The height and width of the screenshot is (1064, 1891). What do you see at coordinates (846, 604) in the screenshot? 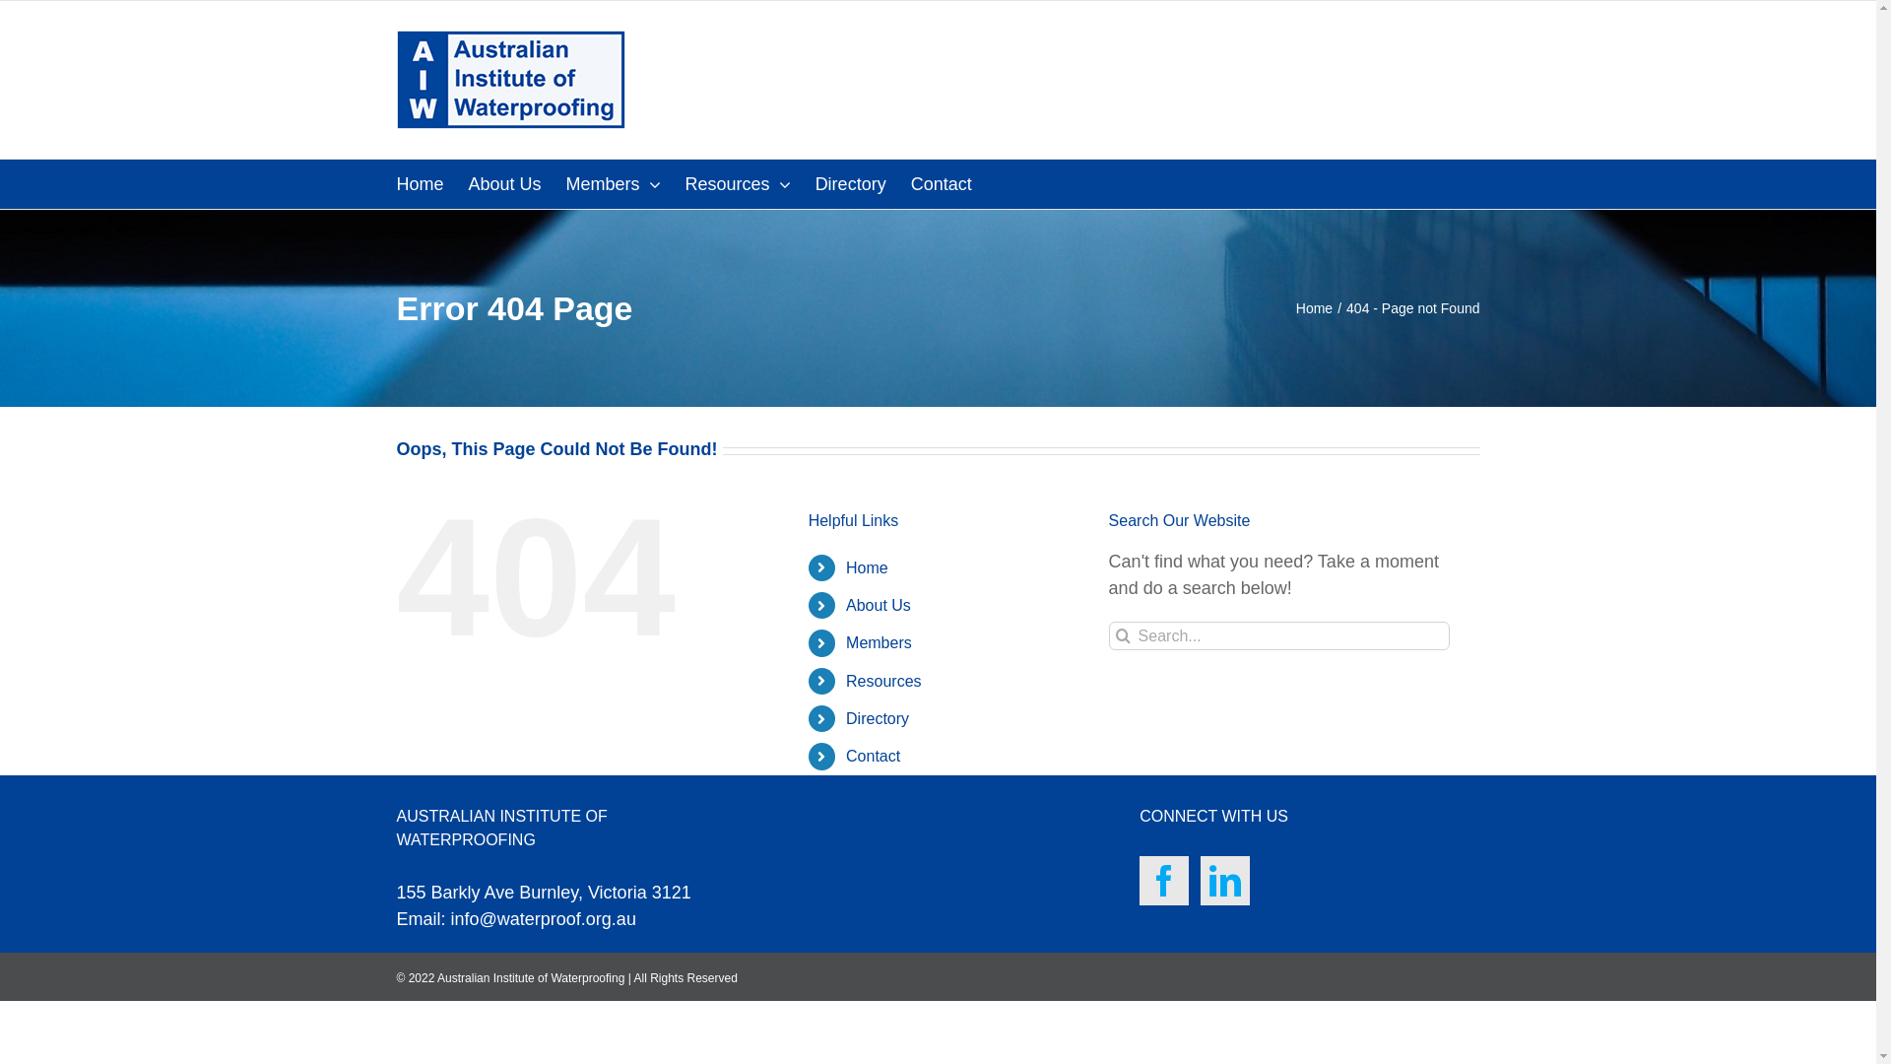
I see `'About Us'` at bounding box center [846, 604].